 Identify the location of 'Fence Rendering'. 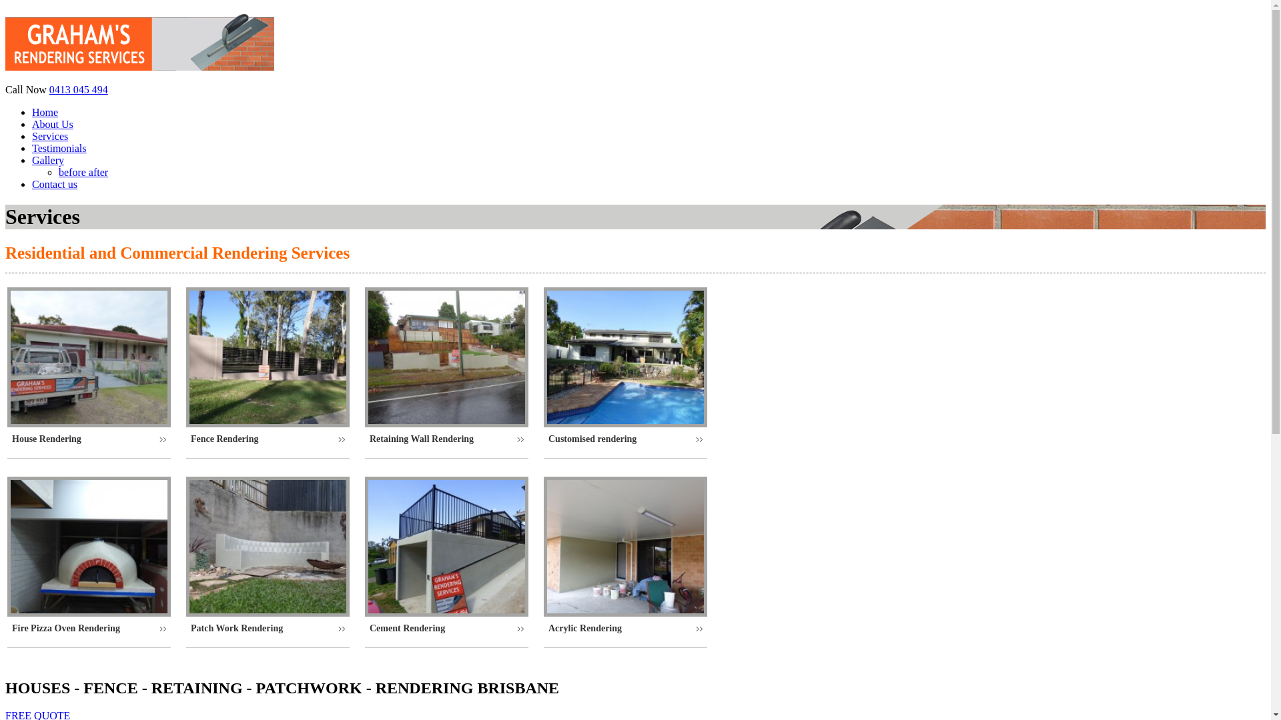
(190, 439).